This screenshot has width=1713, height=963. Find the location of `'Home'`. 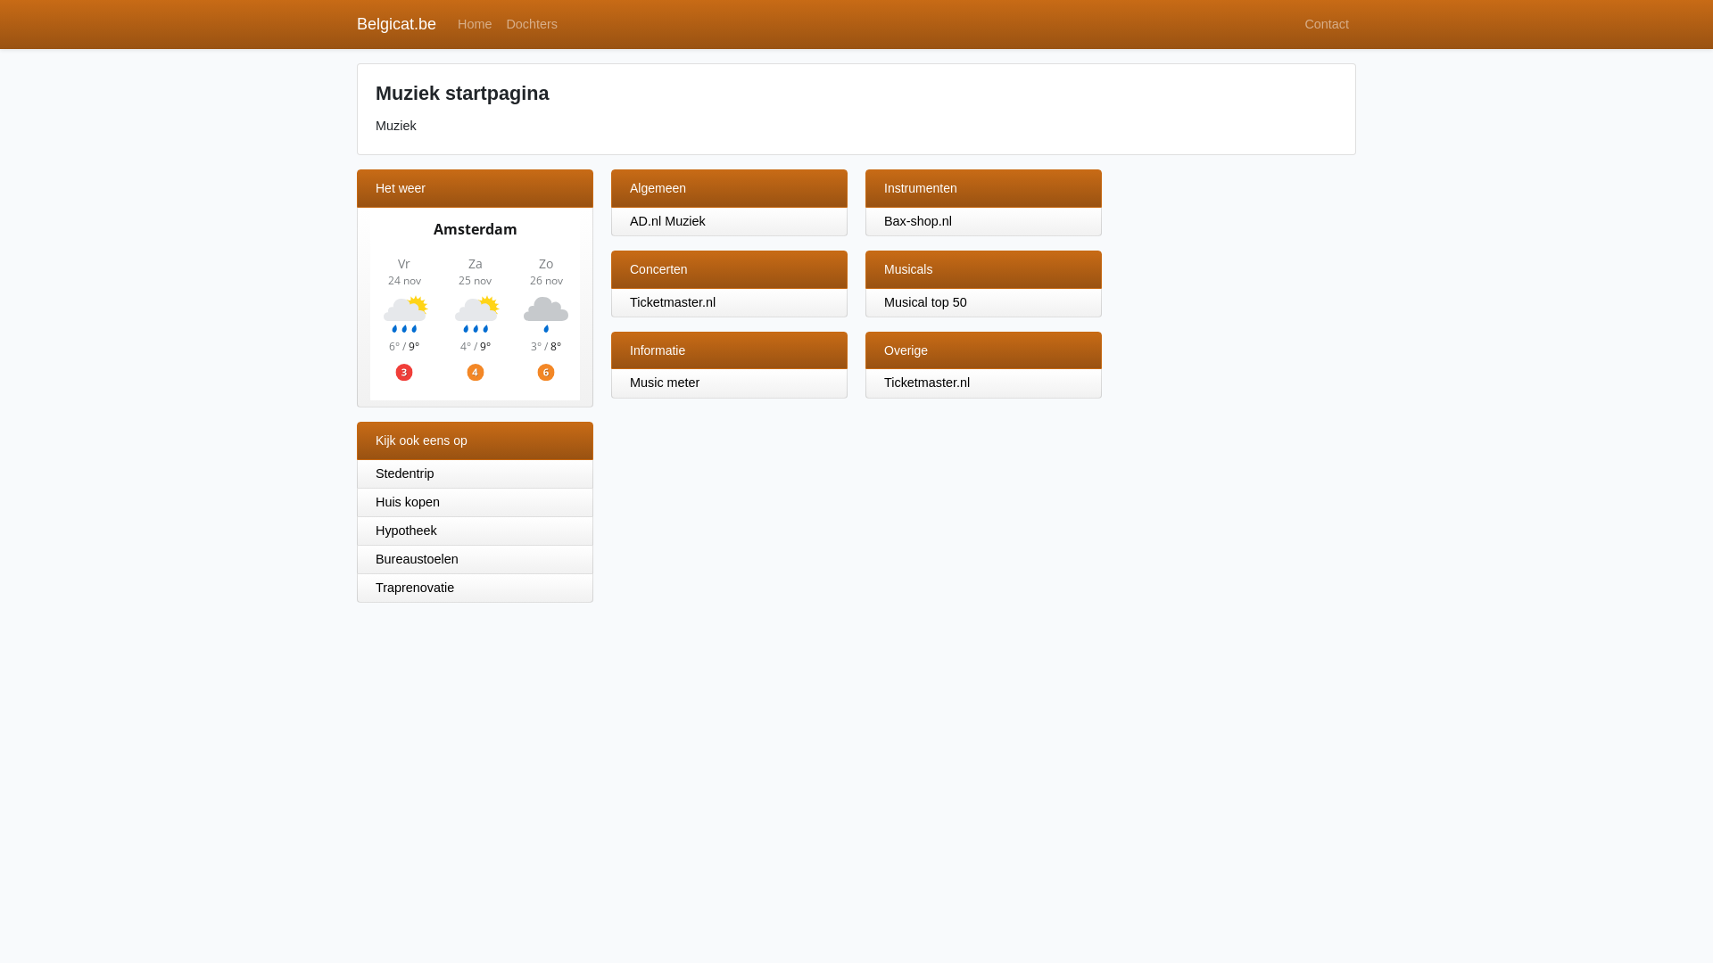

'Home' is located at coordinates (475, 24).